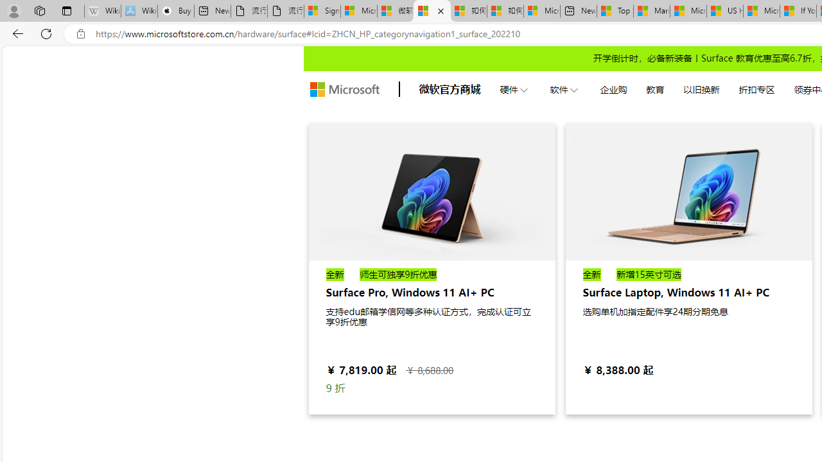 The image size is (822, 462). What do you see at coordinates (615, 11) in the screenshot?
I see `'Top Stories - MSN'` at bounding box center [615, 11].